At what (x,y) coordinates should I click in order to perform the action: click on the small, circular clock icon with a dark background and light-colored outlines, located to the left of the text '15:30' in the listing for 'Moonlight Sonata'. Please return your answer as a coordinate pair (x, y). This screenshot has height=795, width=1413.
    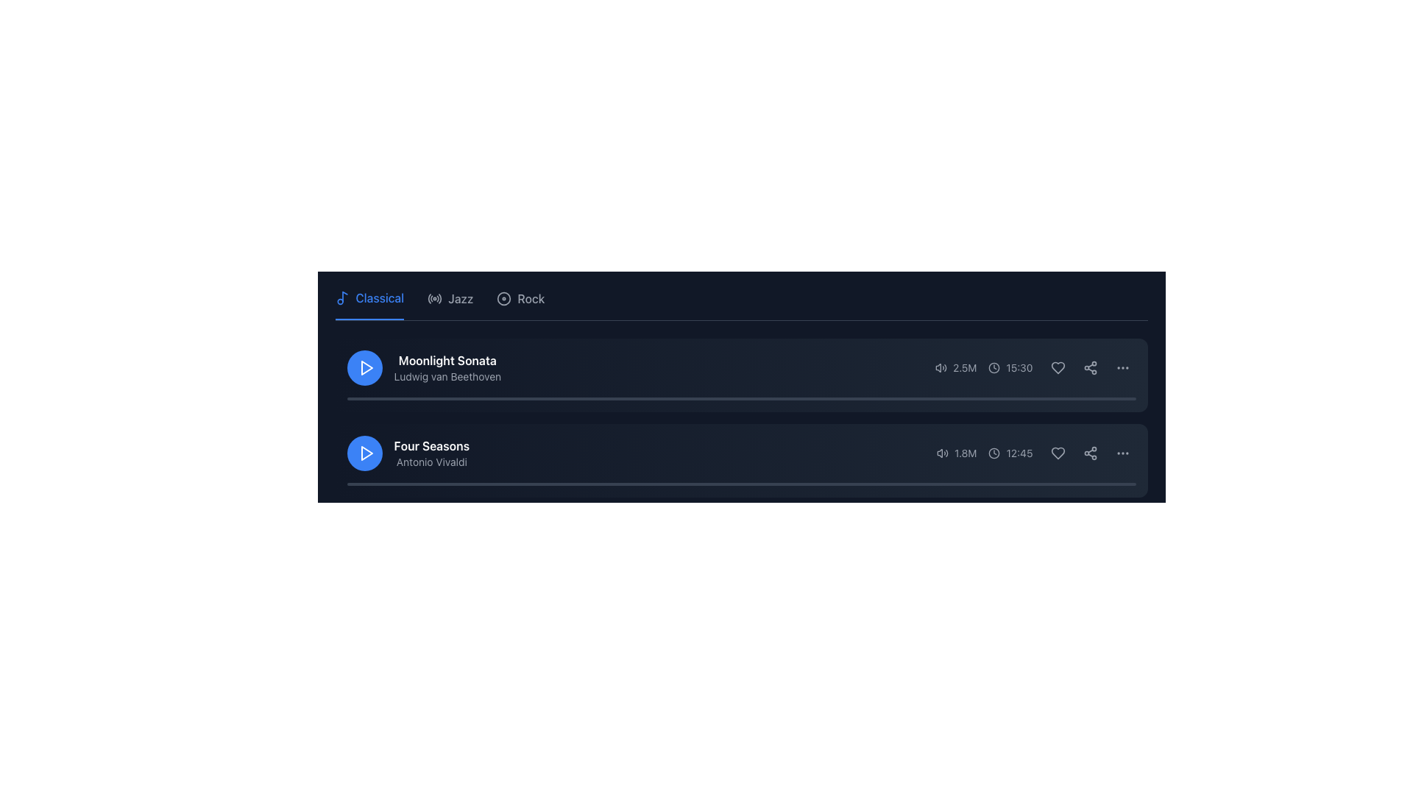
    Looking at the image, I should click on (994, 367).